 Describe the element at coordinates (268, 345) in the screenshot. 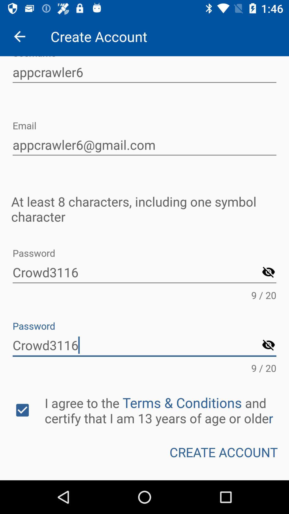

I see `hide button` at that location.